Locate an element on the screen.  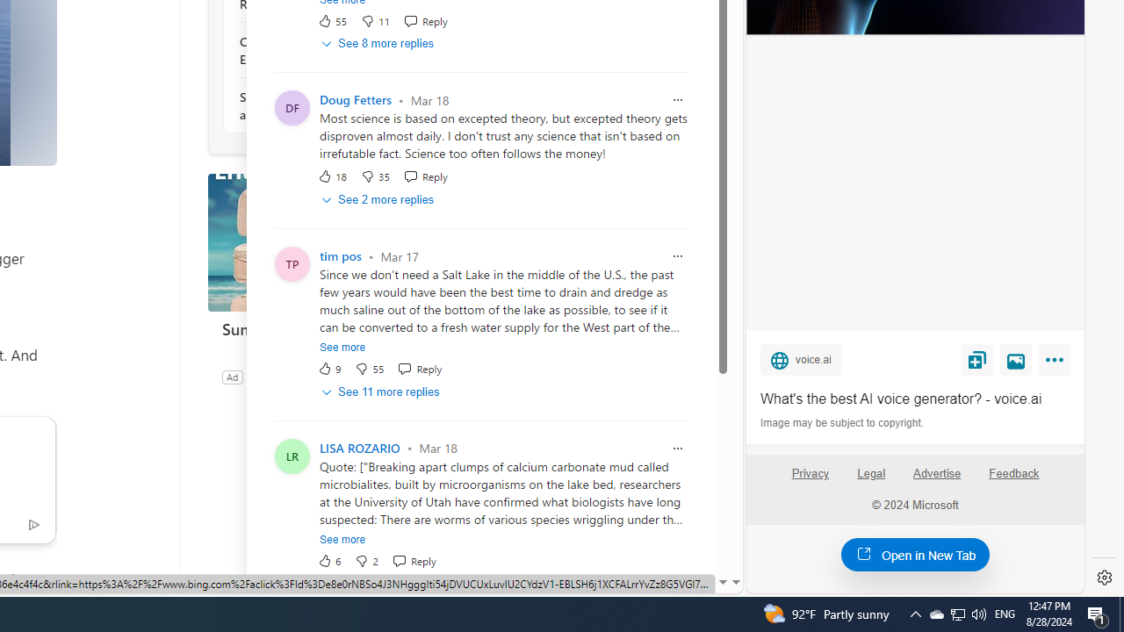
'Reply Reply Comment' is located at coordinates (413, 560).